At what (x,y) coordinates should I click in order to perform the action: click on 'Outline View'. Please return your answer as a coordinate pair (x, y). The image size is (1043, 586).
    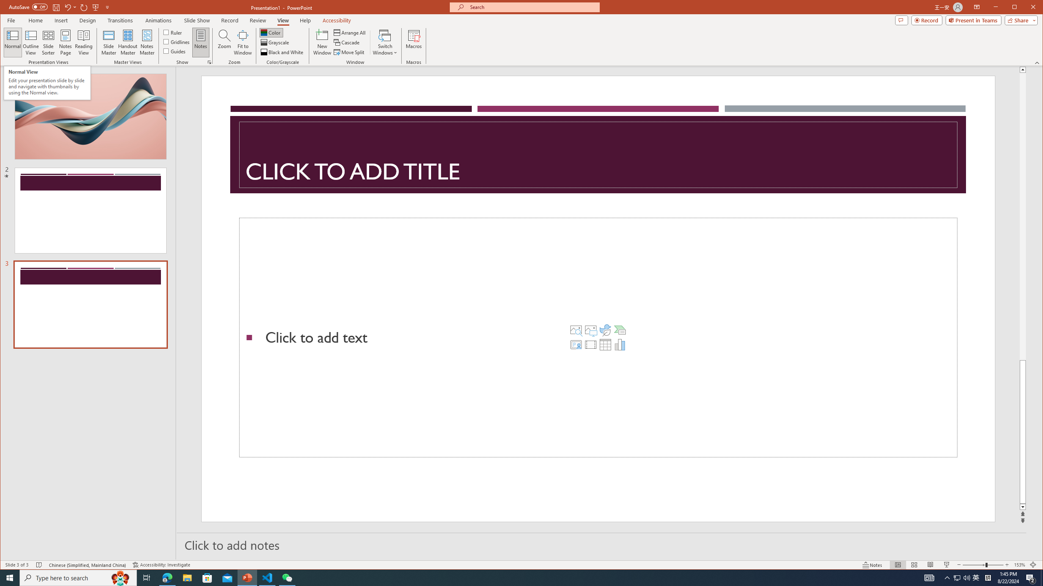
    Looking at the image, I should click on (30, 42).